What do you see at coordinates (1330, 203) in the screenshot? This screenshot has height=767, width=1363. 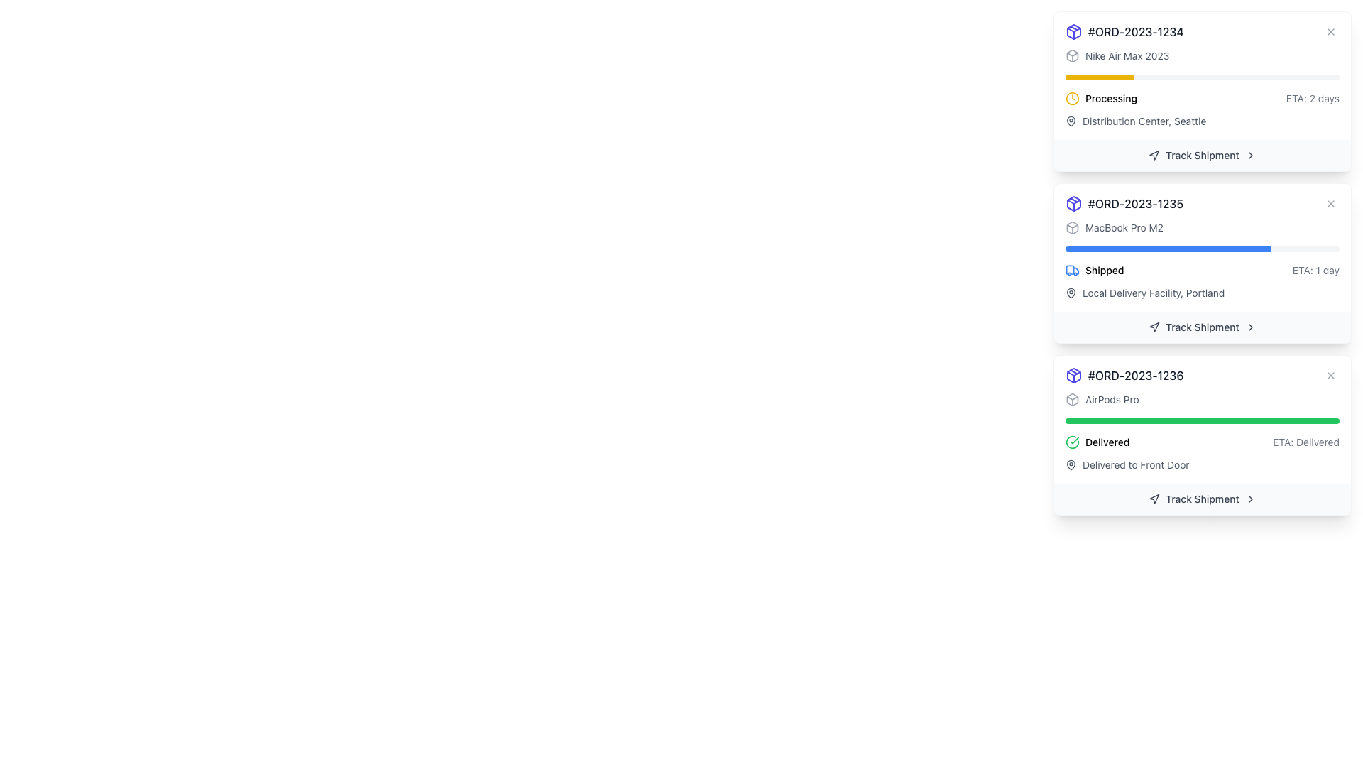 I see `the dismiss button with an icon located in the top-right corner of the order card for order #ORD-2023-1235` at bounding box center [1330, 203].